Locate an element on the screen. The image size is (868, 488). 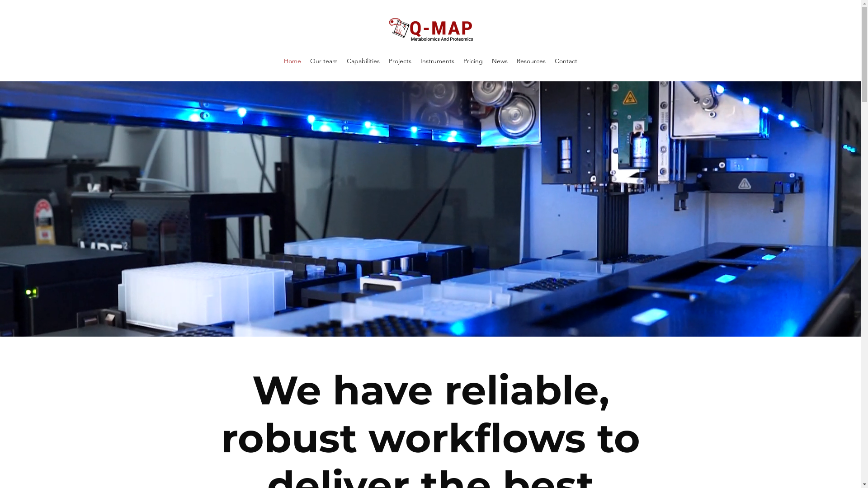
'Capabilities' is located at coordinates (363, 61).